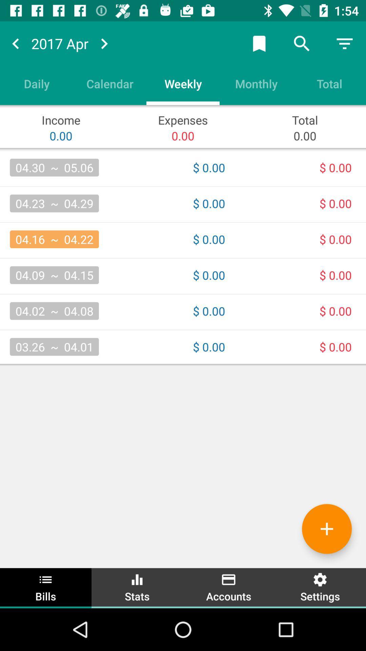 Image resolution: width=366 pixels, height=651 pixels. Describe the element at coordinates (345, 43) in the screenshot. I see `open menu` at that location.